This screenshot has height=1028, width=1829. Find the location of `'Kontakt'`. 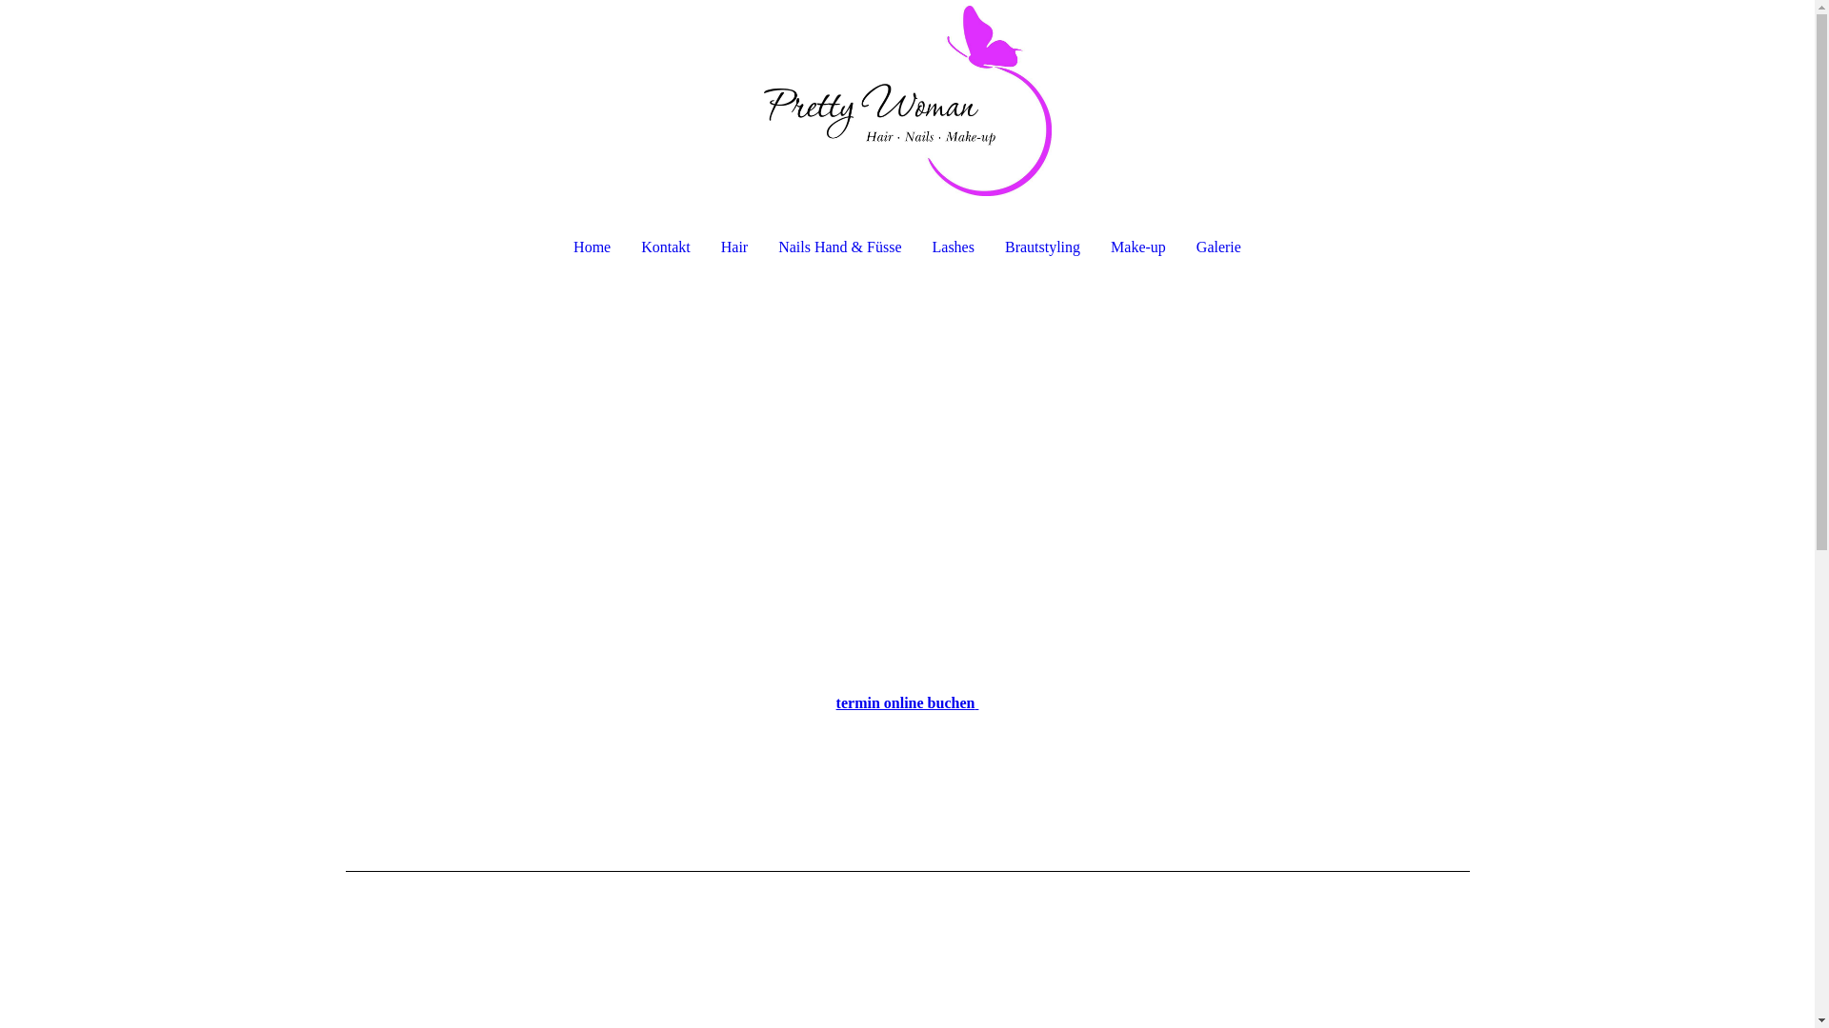

'Kontakt' is located at coordinates (666, 246).